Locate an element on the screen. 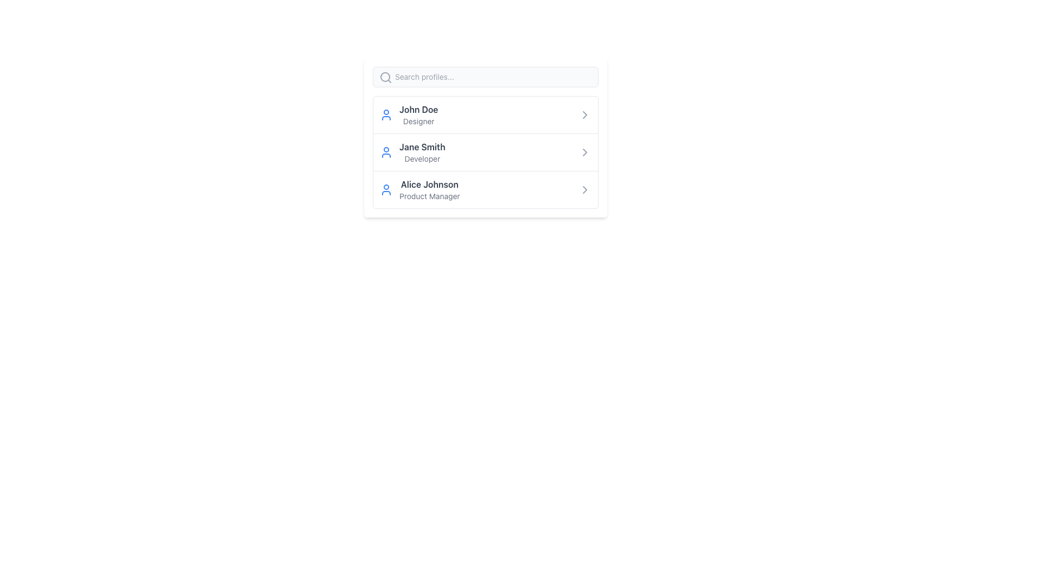 The width and height of the screenshot is (1042, 586). the first entry of the profile list displaying user information, which includes their name and designation is located at coordinates (418, 115).